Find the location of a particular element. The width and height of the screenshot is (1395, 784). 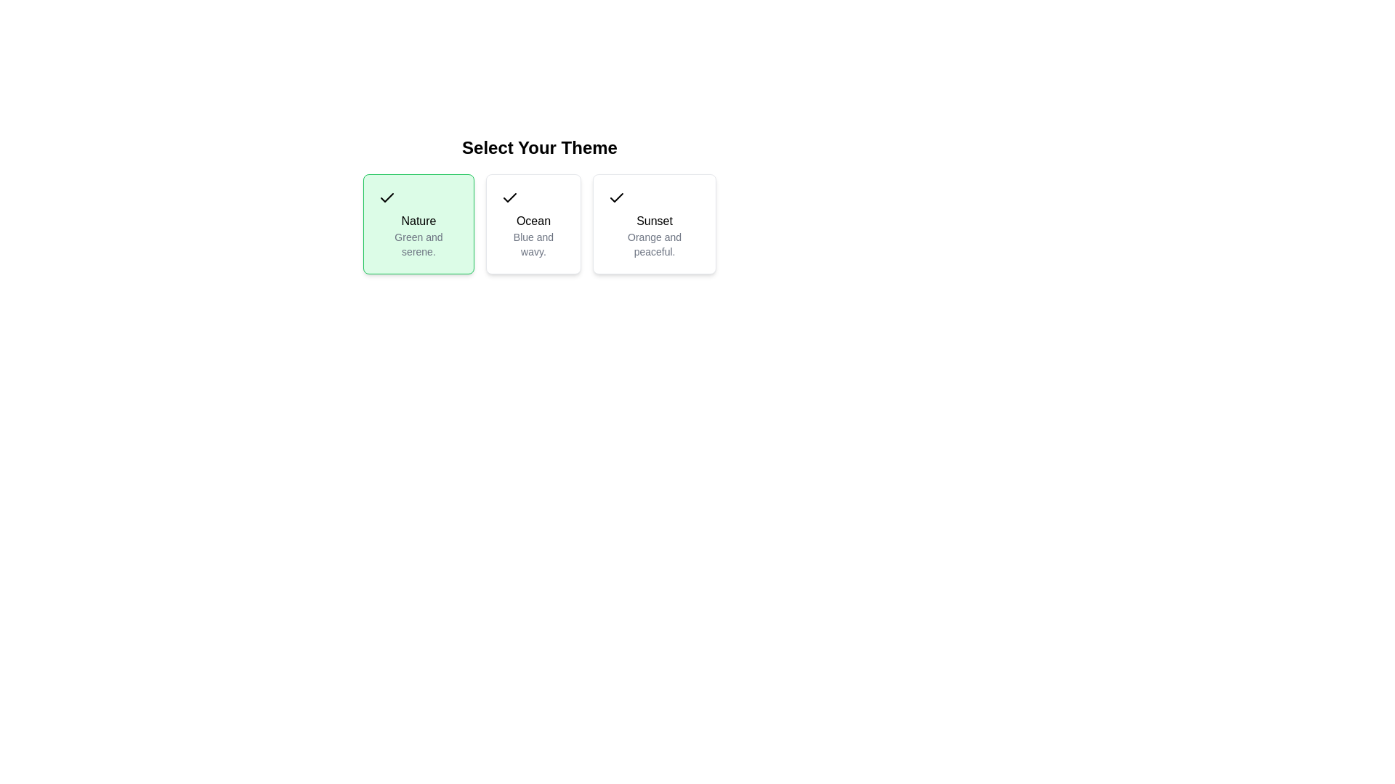

the 'Ocean' theme selectable card, which is described as 'Blue and wavy.' and is positioned between the 'Nature' and 'Sunset' cards within the 'Select Your Theme' interface is located at coordinates (533, 224).